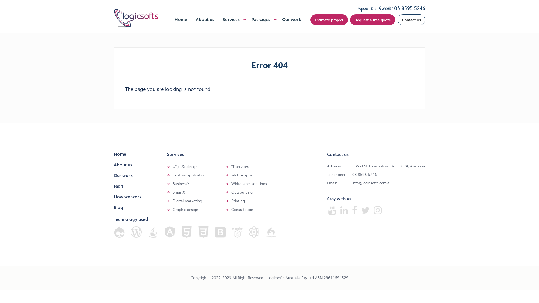 This screenshot has height=303, width=539. What do you see at coordinates (204, 19) in the screenshot?
I see `'About us'` at bounding box center [204, 19].